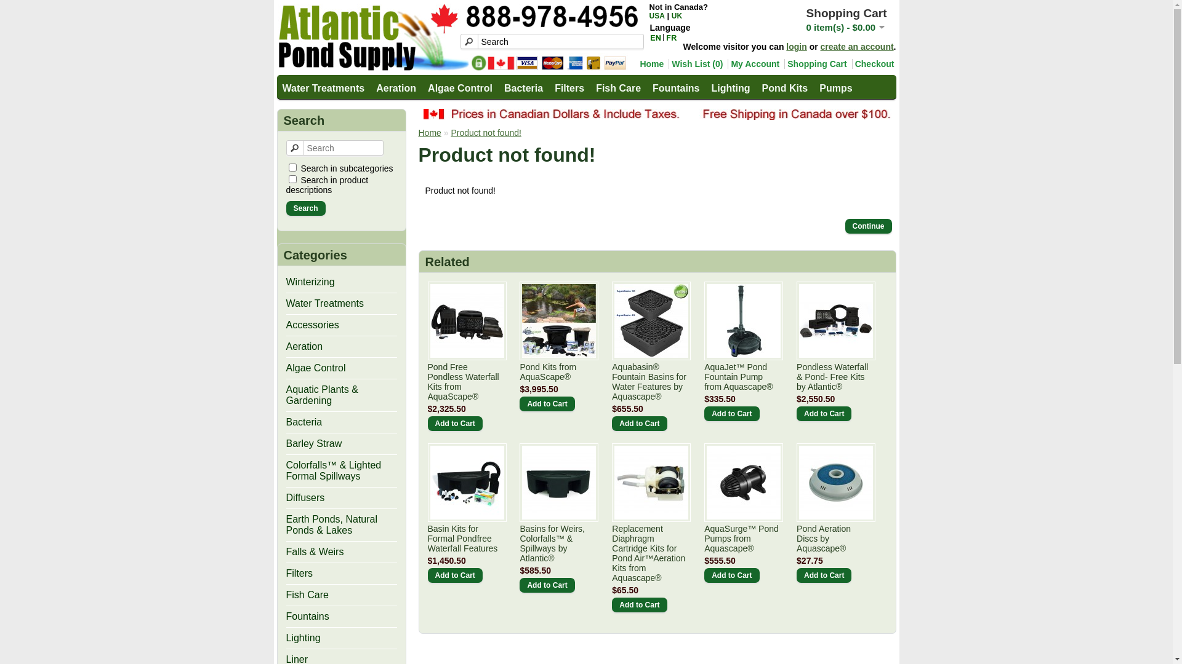 The width and height of the screenshot is (1182, 664). I want to click on 'Fountains', so click(307, 616).